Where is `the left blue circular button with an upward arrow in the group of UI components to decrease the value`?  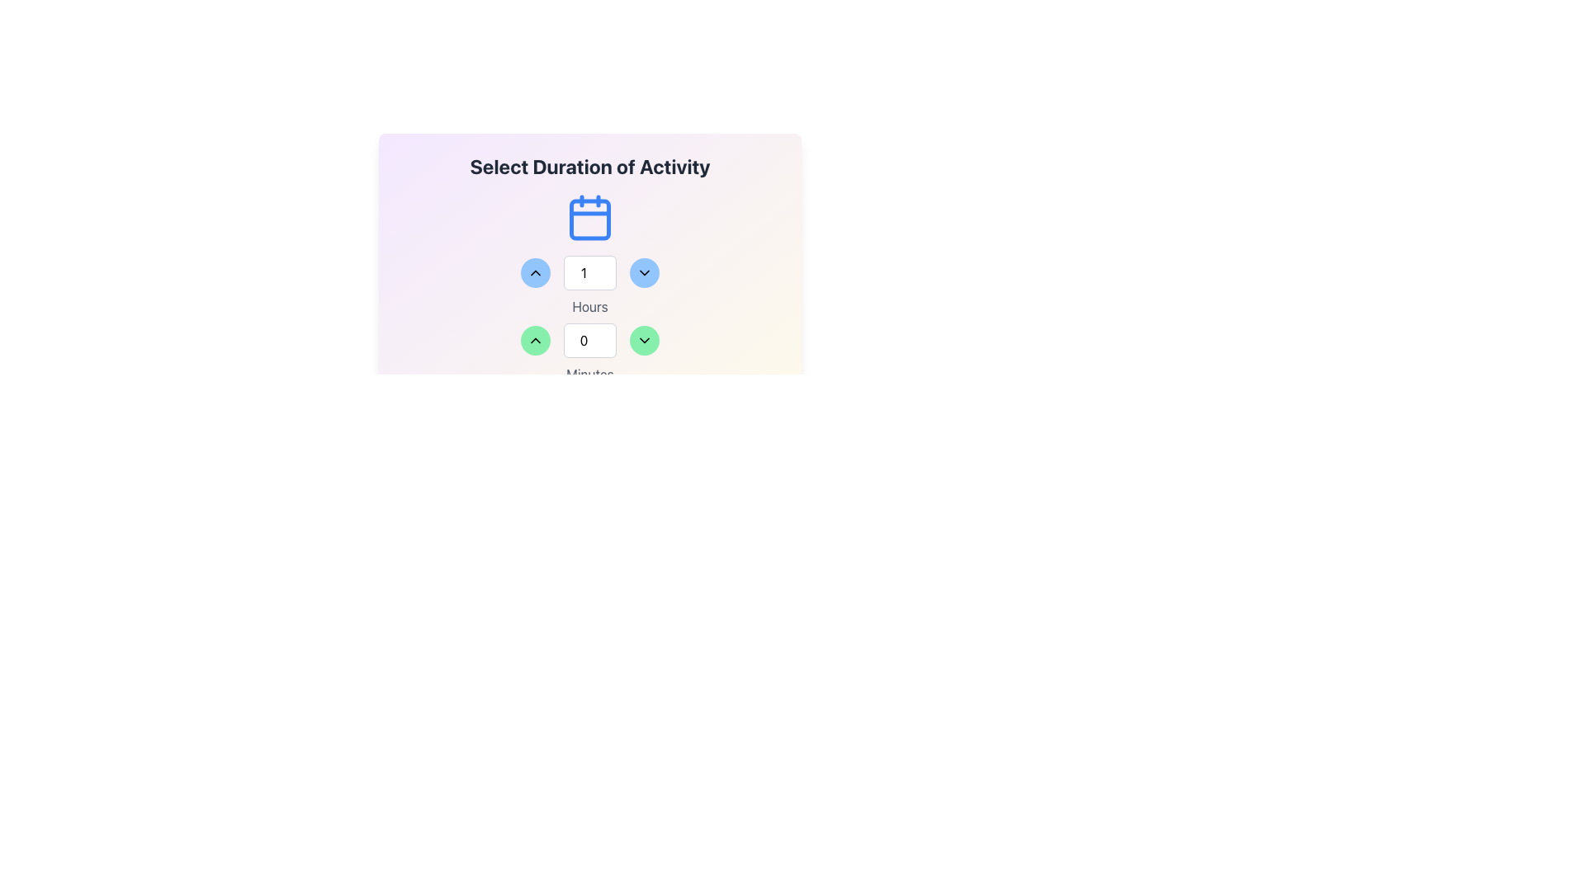
the left blue circular button with an upward arrow in the group of UI components to decrease the value is located at coordinates (590, 272).